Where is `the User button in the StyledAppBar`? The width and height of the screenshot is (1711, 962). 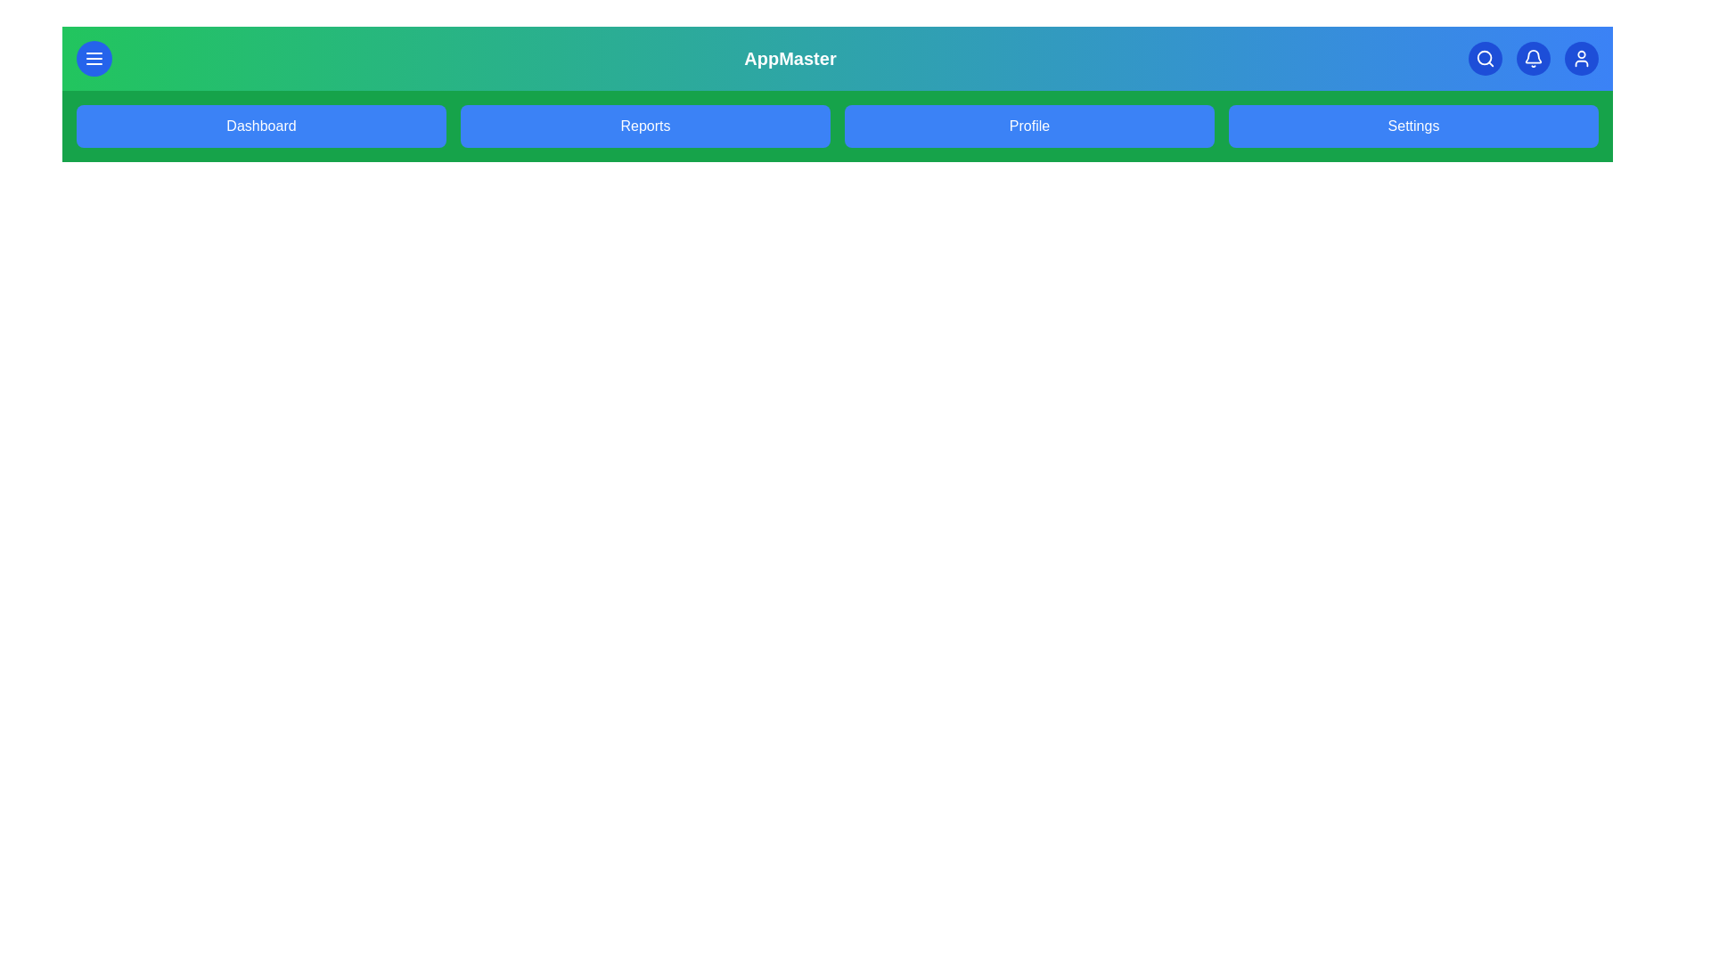
the User button in the StyledAppBar is located at coordinates (1582, 57).